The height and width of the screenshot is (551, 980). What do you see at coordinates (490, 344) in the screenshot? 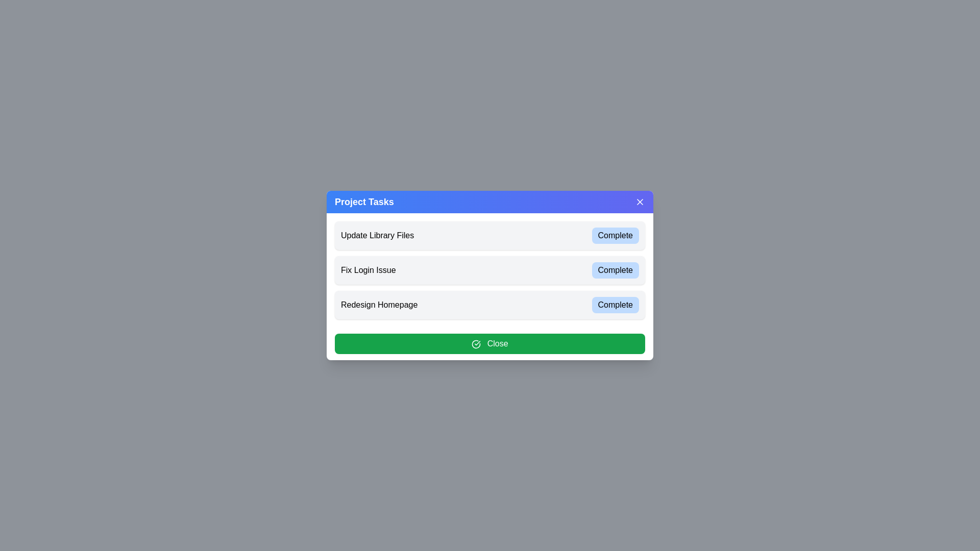
I see `the Close button located at the bottom of the modal, which dismisses or finalizes the task information` at bounding box center [490, 344].